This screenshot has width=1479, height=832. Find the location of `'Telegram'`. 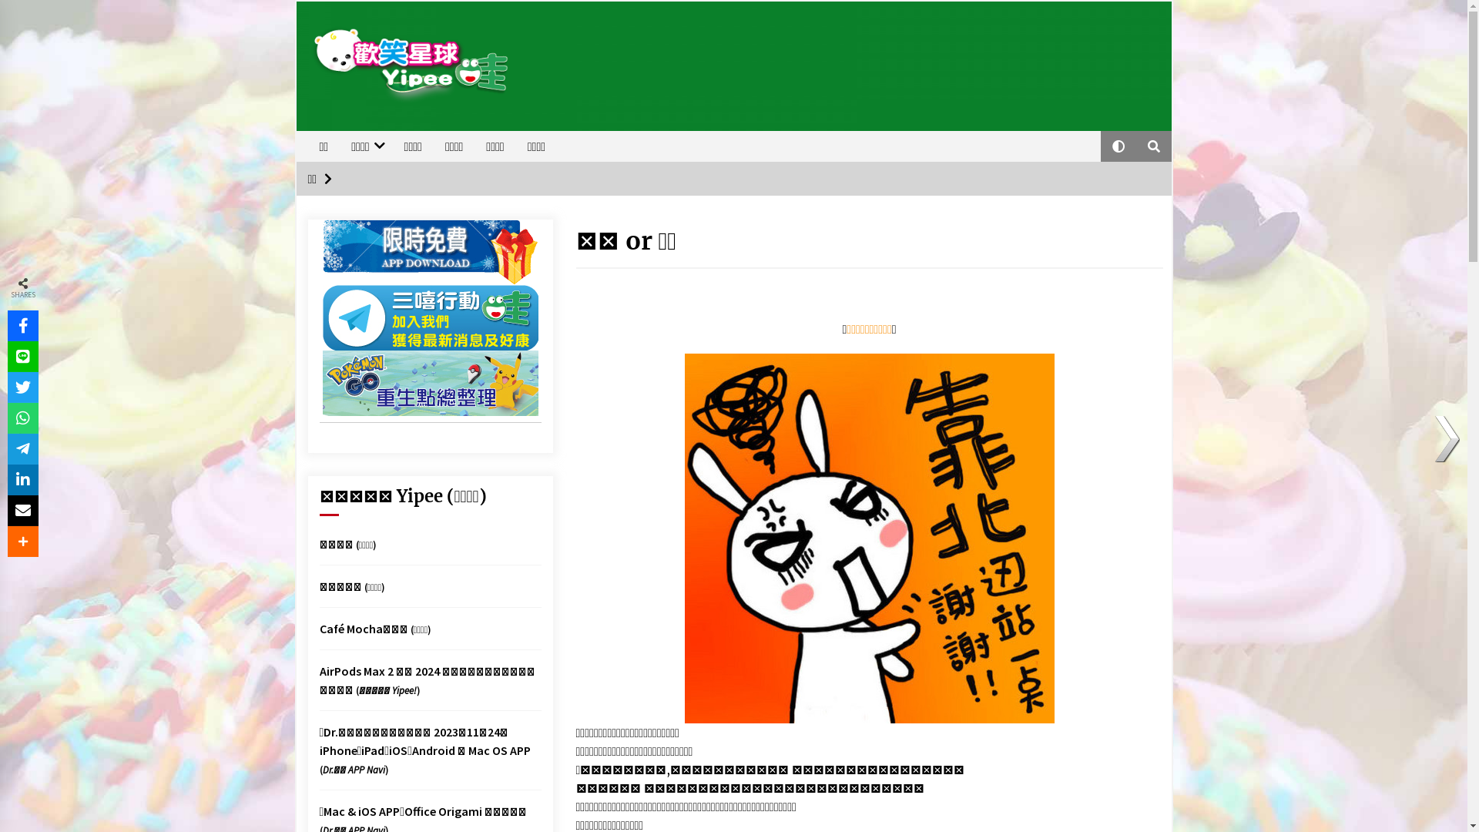

'Telegram' is located at coordinates (22, 448).